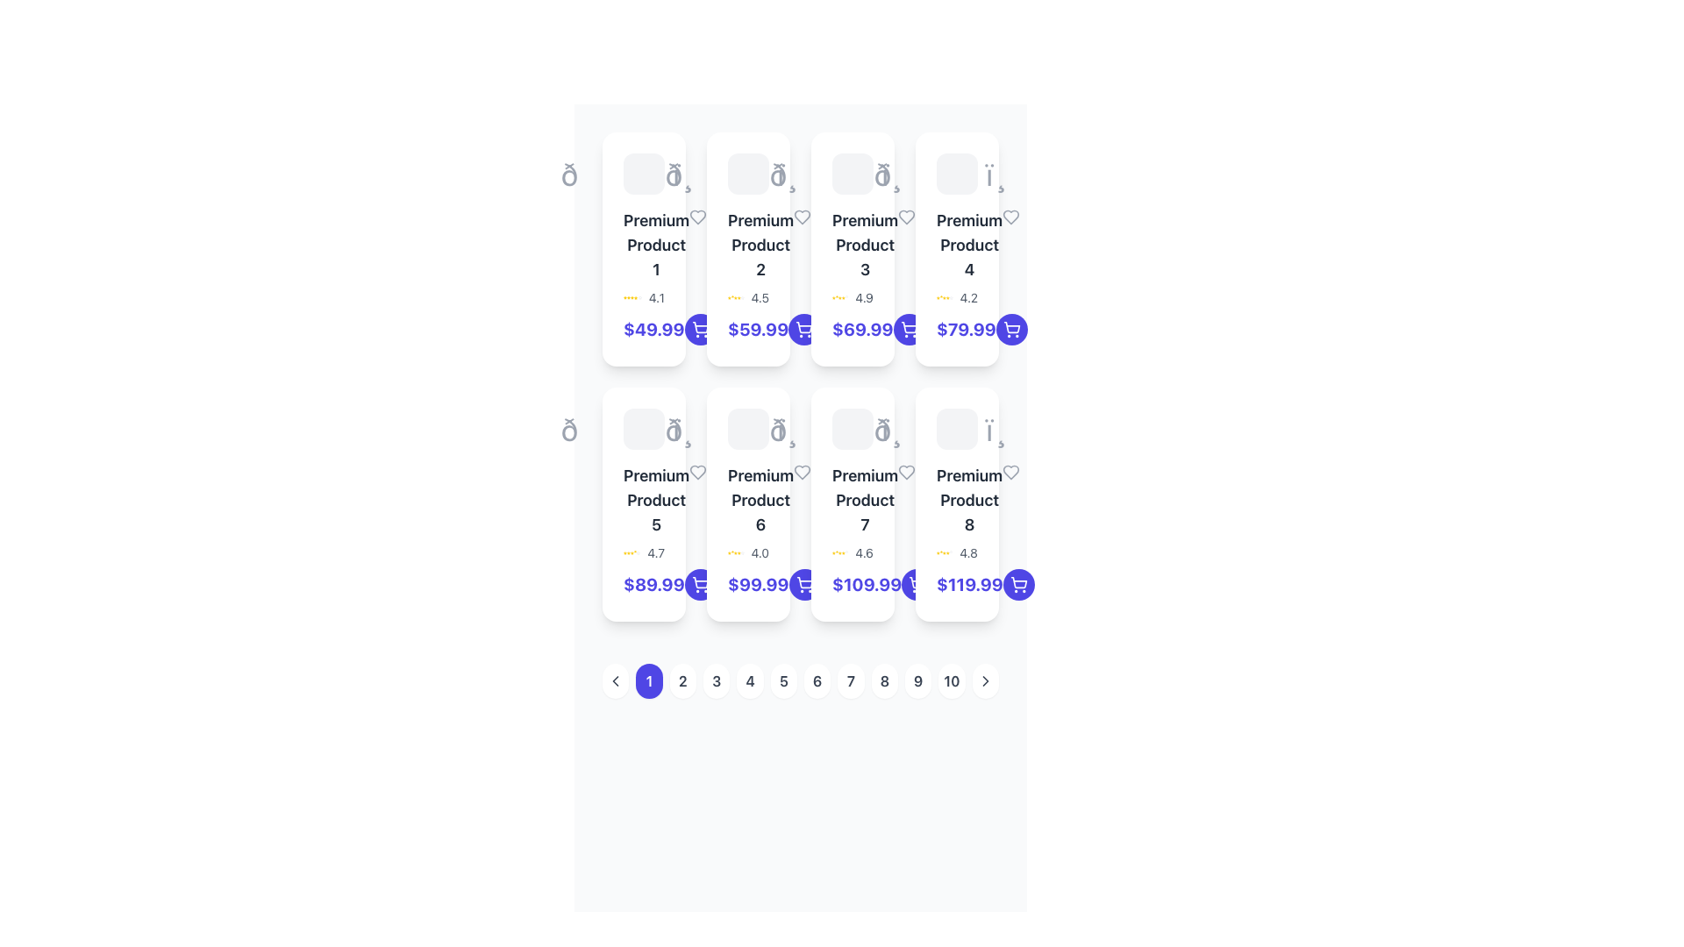  Describe the element at coordinates (736, 553) in the screenshot. I see `the fourth star icon in the rating system for the product 'Premium Product 6', which visually indicates a score of 4 out of 5 stars` at that location.